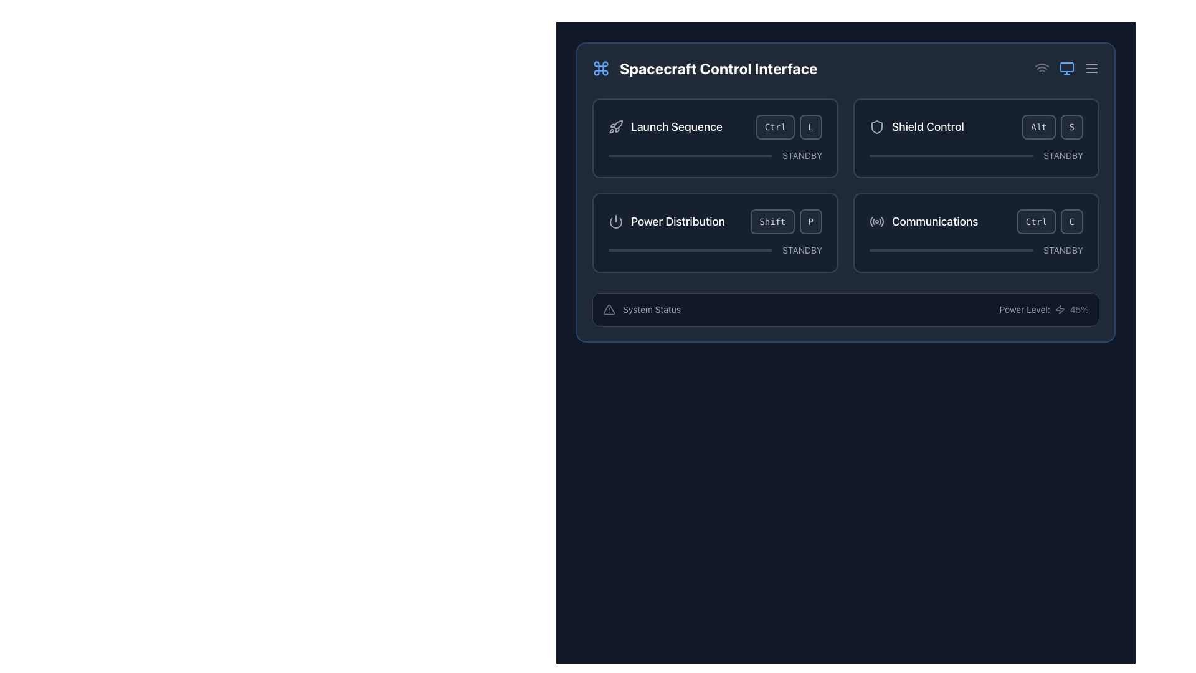 This screenshot has height=673, width=1196. Describe the element at coordinates (975, 155) in the screenshot. I see `the progress bar indicating the 'STANDBY' status for the 'Shield Control' feature, which is visually represented below the main header of the section` at that location.